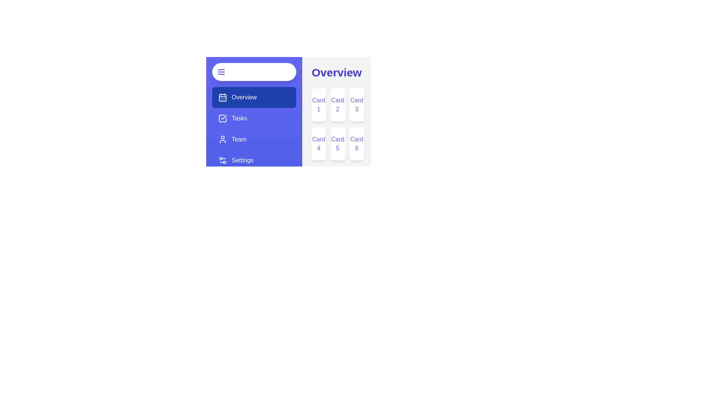  What do you see at coordinates (254, 97) in the screenshot?
I see `the tab labeled Overview from the sidebar` at bounding box center [254, 97].